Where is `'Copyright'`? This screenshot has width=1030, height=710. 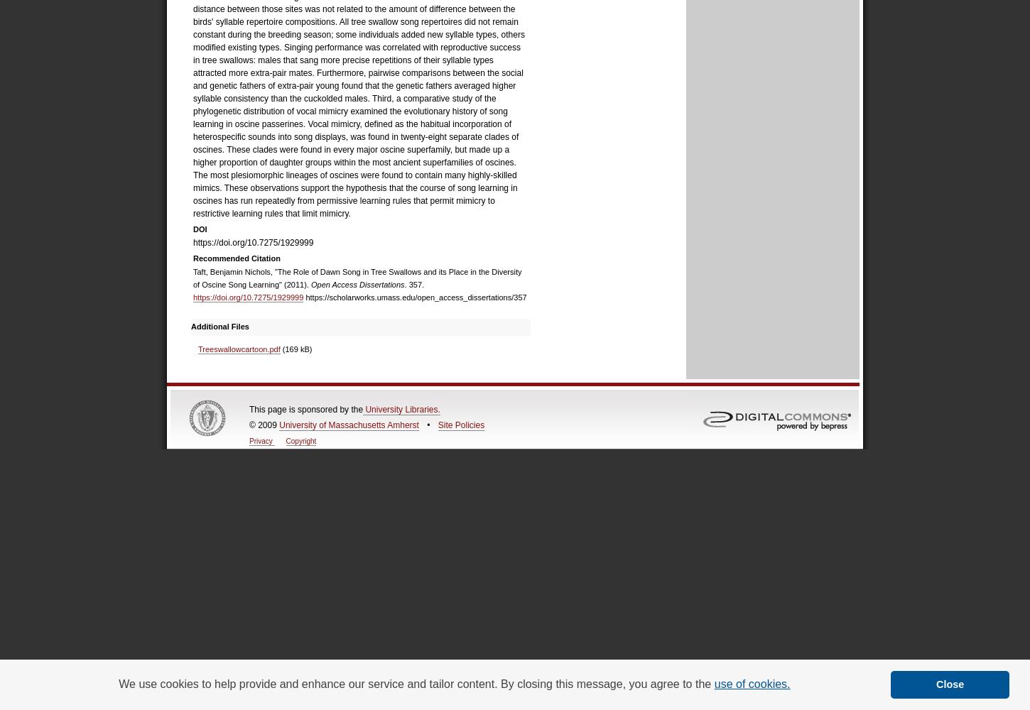 'Copyright' is located at coordinates (284, 439).